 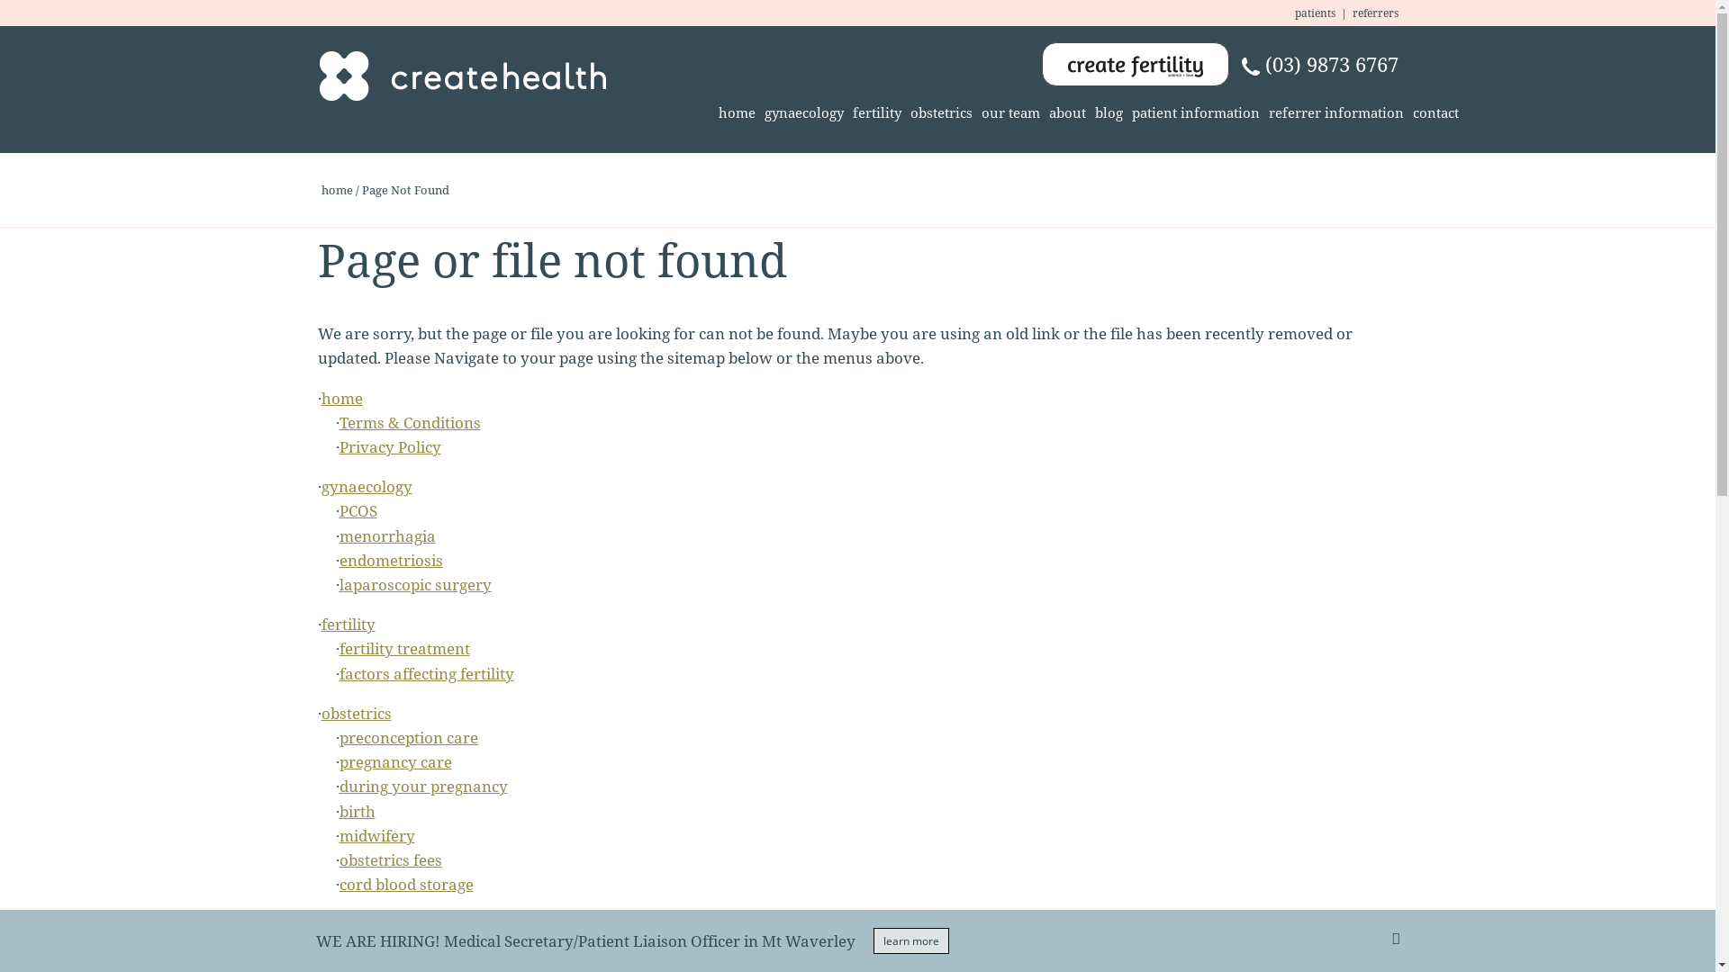 What do you see at coordinates (406, 737) in the screenshot?
I see `'preconception care'` at bounding box center [406, 737].